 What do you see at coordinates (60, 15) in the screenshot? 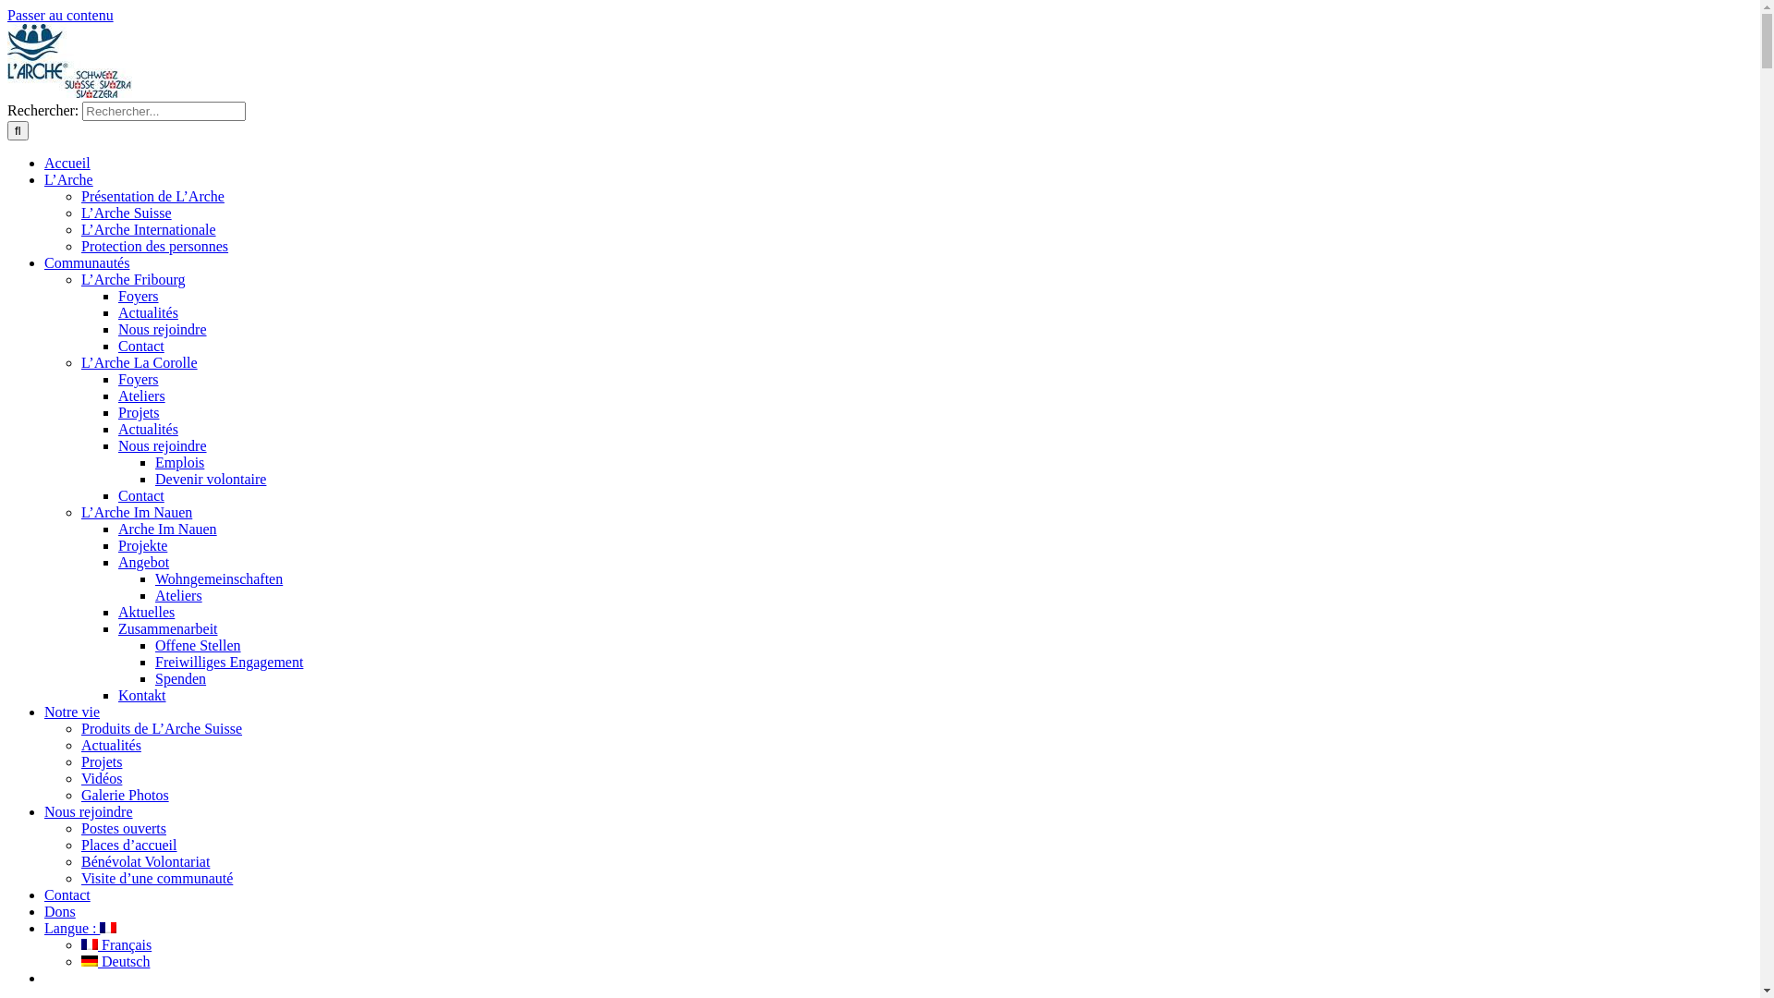
I see `'Passer au contenu'` at bounding box center [60, 15].